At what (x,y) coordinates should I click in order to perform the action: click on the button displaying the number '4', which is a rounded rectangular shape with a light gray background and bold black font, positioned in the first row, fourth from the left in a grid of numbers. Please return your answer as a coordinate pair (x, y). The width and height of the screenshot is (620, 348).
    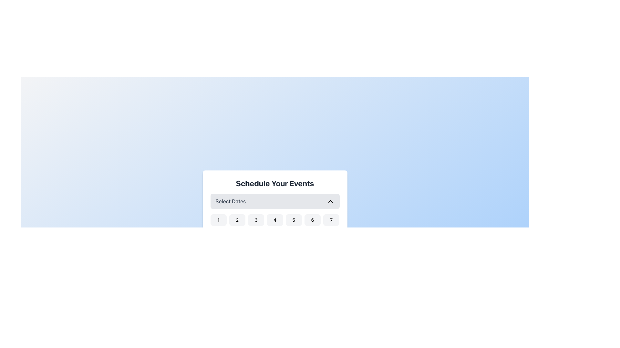
    Looking at the image, I should click on (275, 220).